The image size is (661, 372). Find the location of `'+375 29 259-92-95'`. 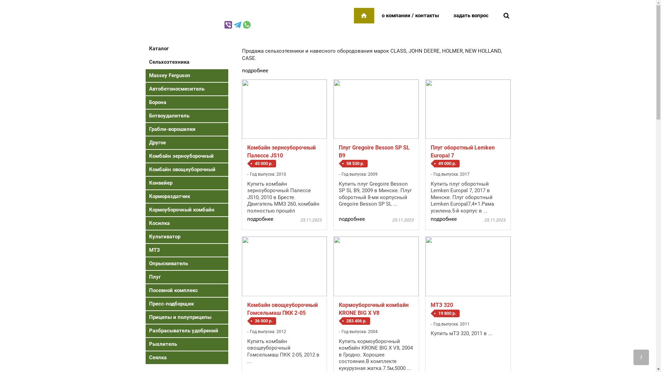

'+375 29 259-92-95' is located at coordinates (208, 23).